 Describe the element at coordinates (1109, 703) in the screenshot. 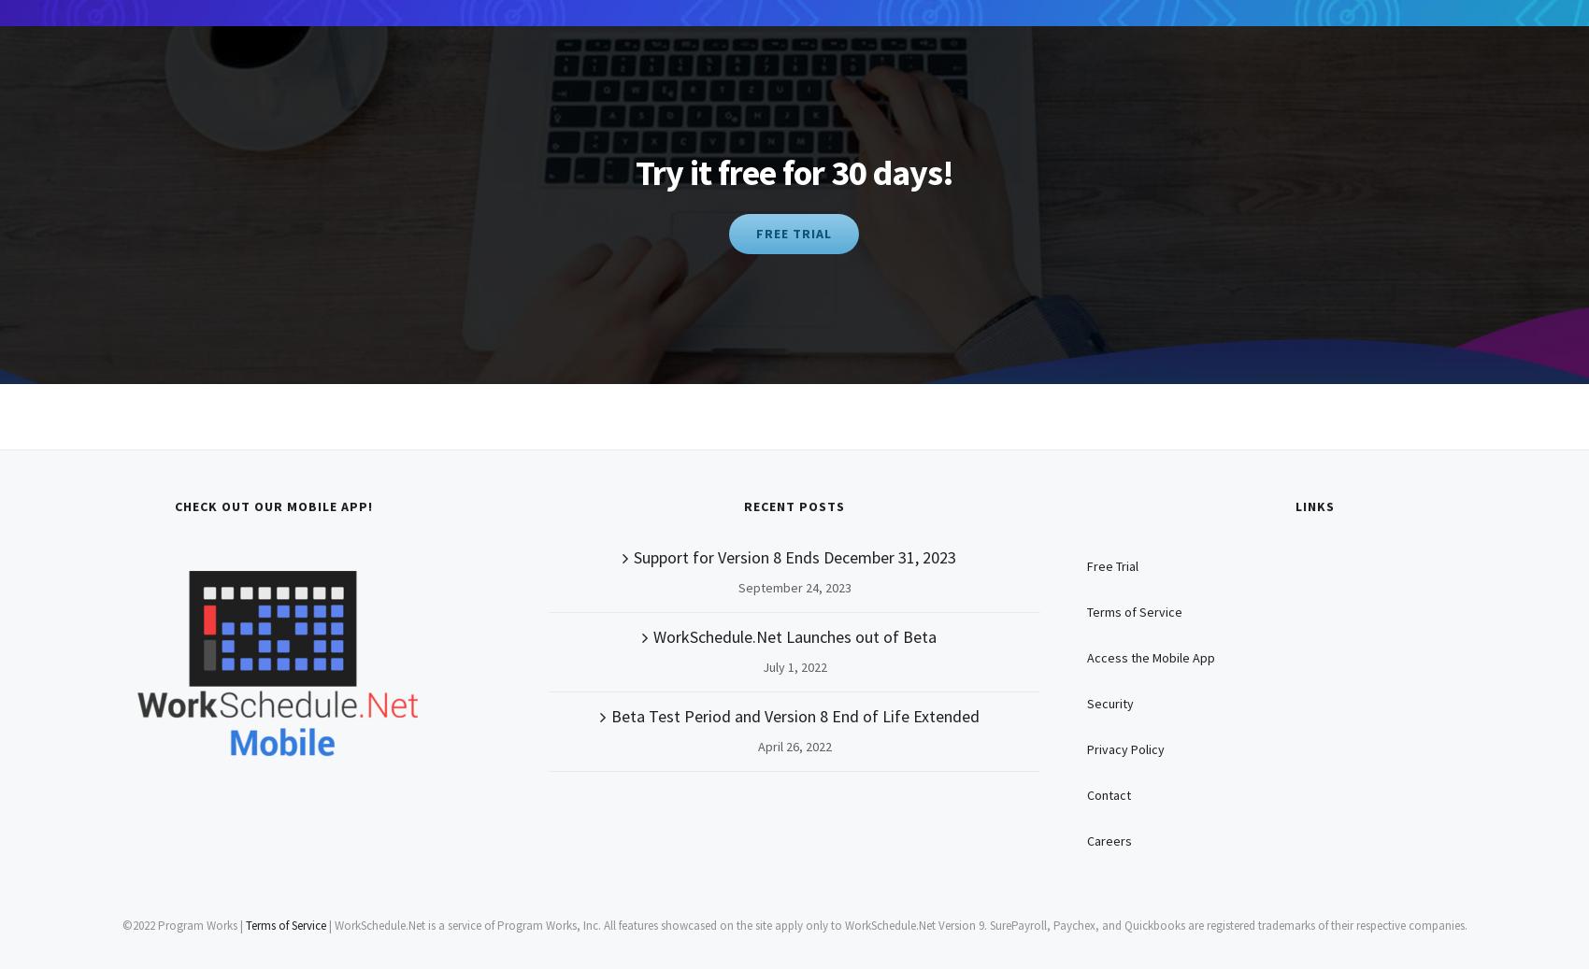

I see `'Security'` at that location.